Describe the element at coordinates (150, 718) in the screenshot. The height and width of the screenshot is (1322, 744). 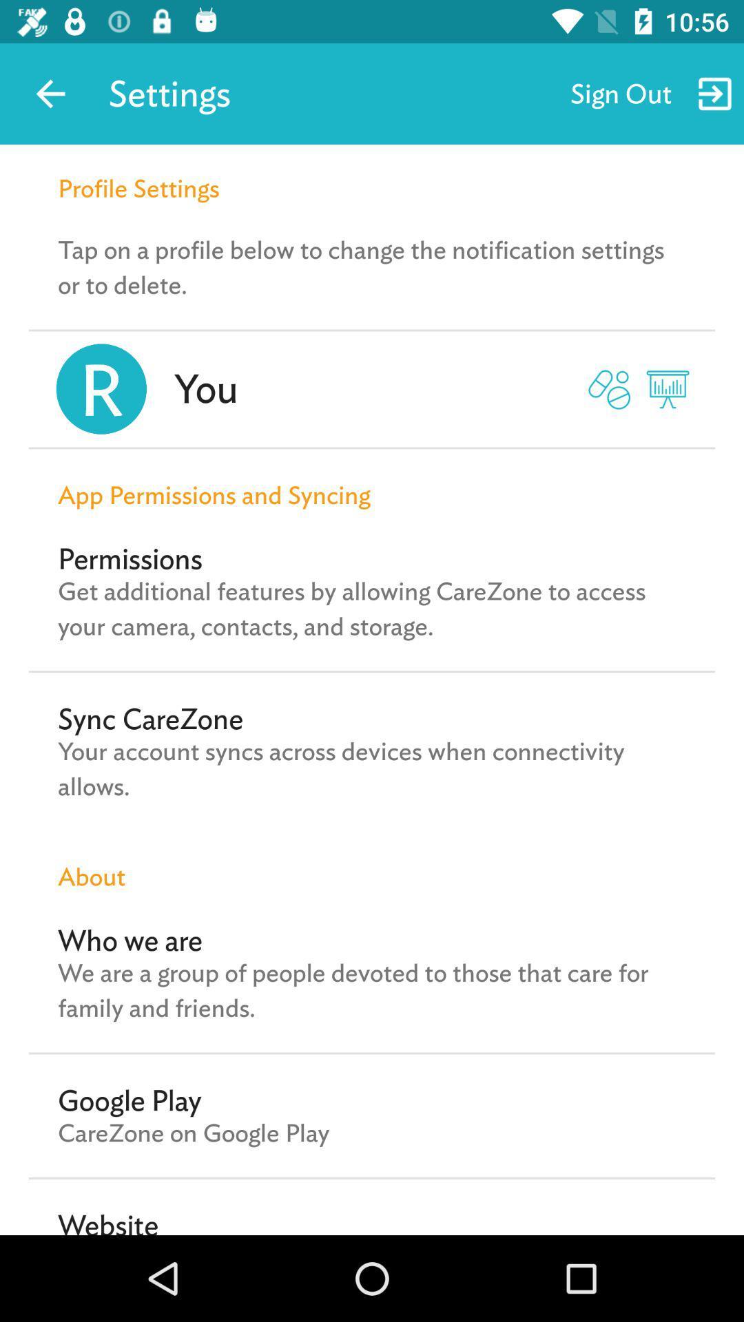
I see `the sync carezone item` at that location.